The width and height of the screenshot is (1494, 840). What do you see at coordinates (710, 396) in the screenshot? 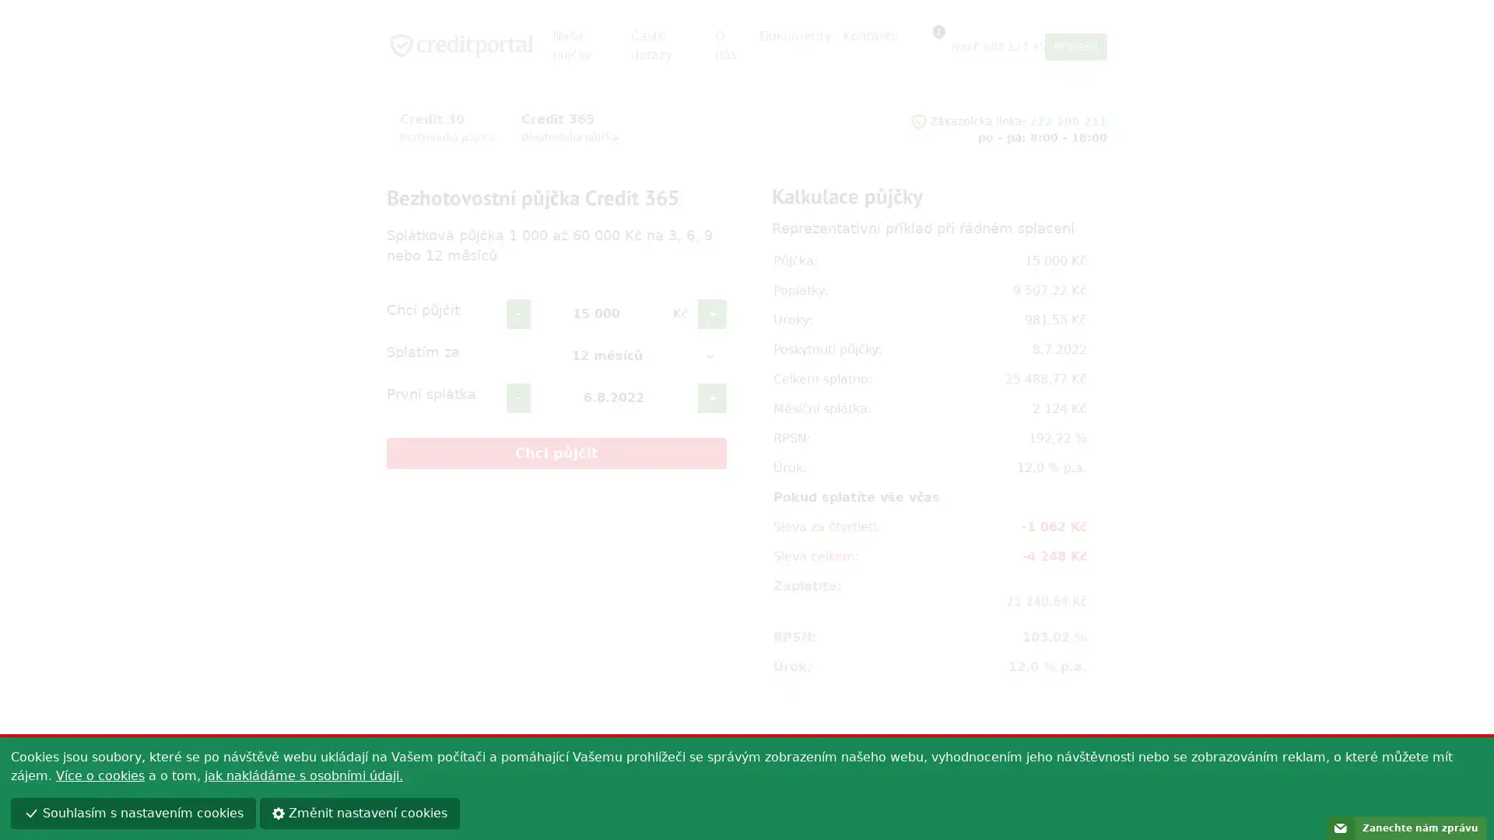
I see `+` at bounding box center [710, 396].